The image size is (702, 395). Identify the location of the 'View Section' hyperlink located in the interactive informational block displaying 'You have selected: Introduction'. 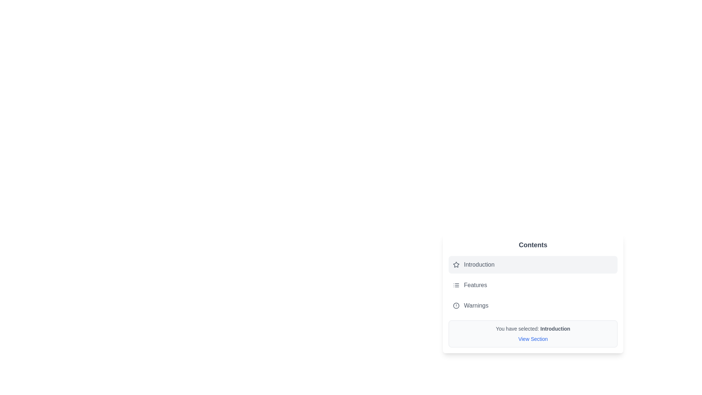
(533, 334).